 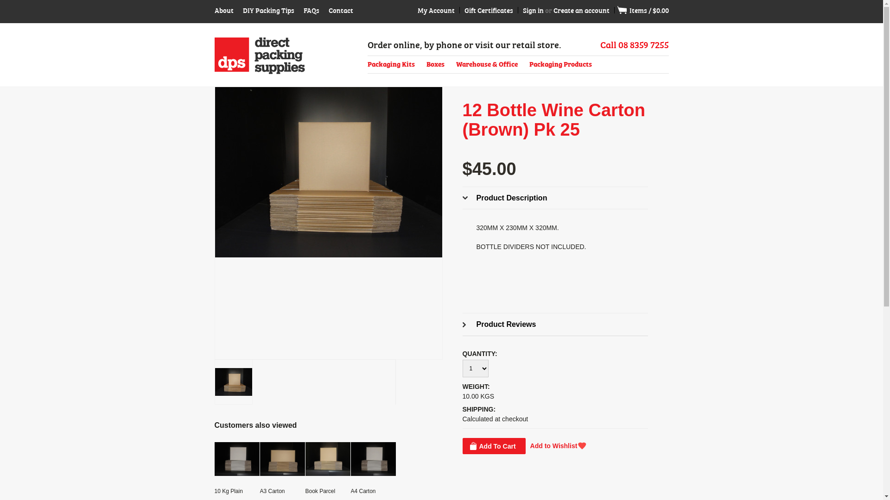 What do you see at coordinates (303, 10) in the screenshot?
I see `'FAQs'` at bounding box center [303, 10].